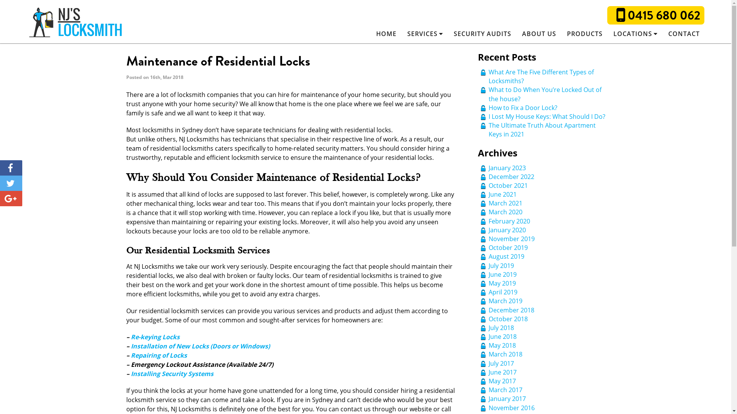  Describe the element at coordinates (502, 336) in the screenshot. I see `'June 2018'` at that location.